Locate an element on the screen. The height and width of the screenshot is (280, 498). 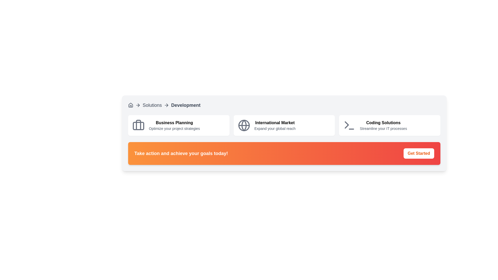
the vertical rectangular outline representing the handle of the briefcase icon located in the Business Planning tile is located at coordinates (138, 125).